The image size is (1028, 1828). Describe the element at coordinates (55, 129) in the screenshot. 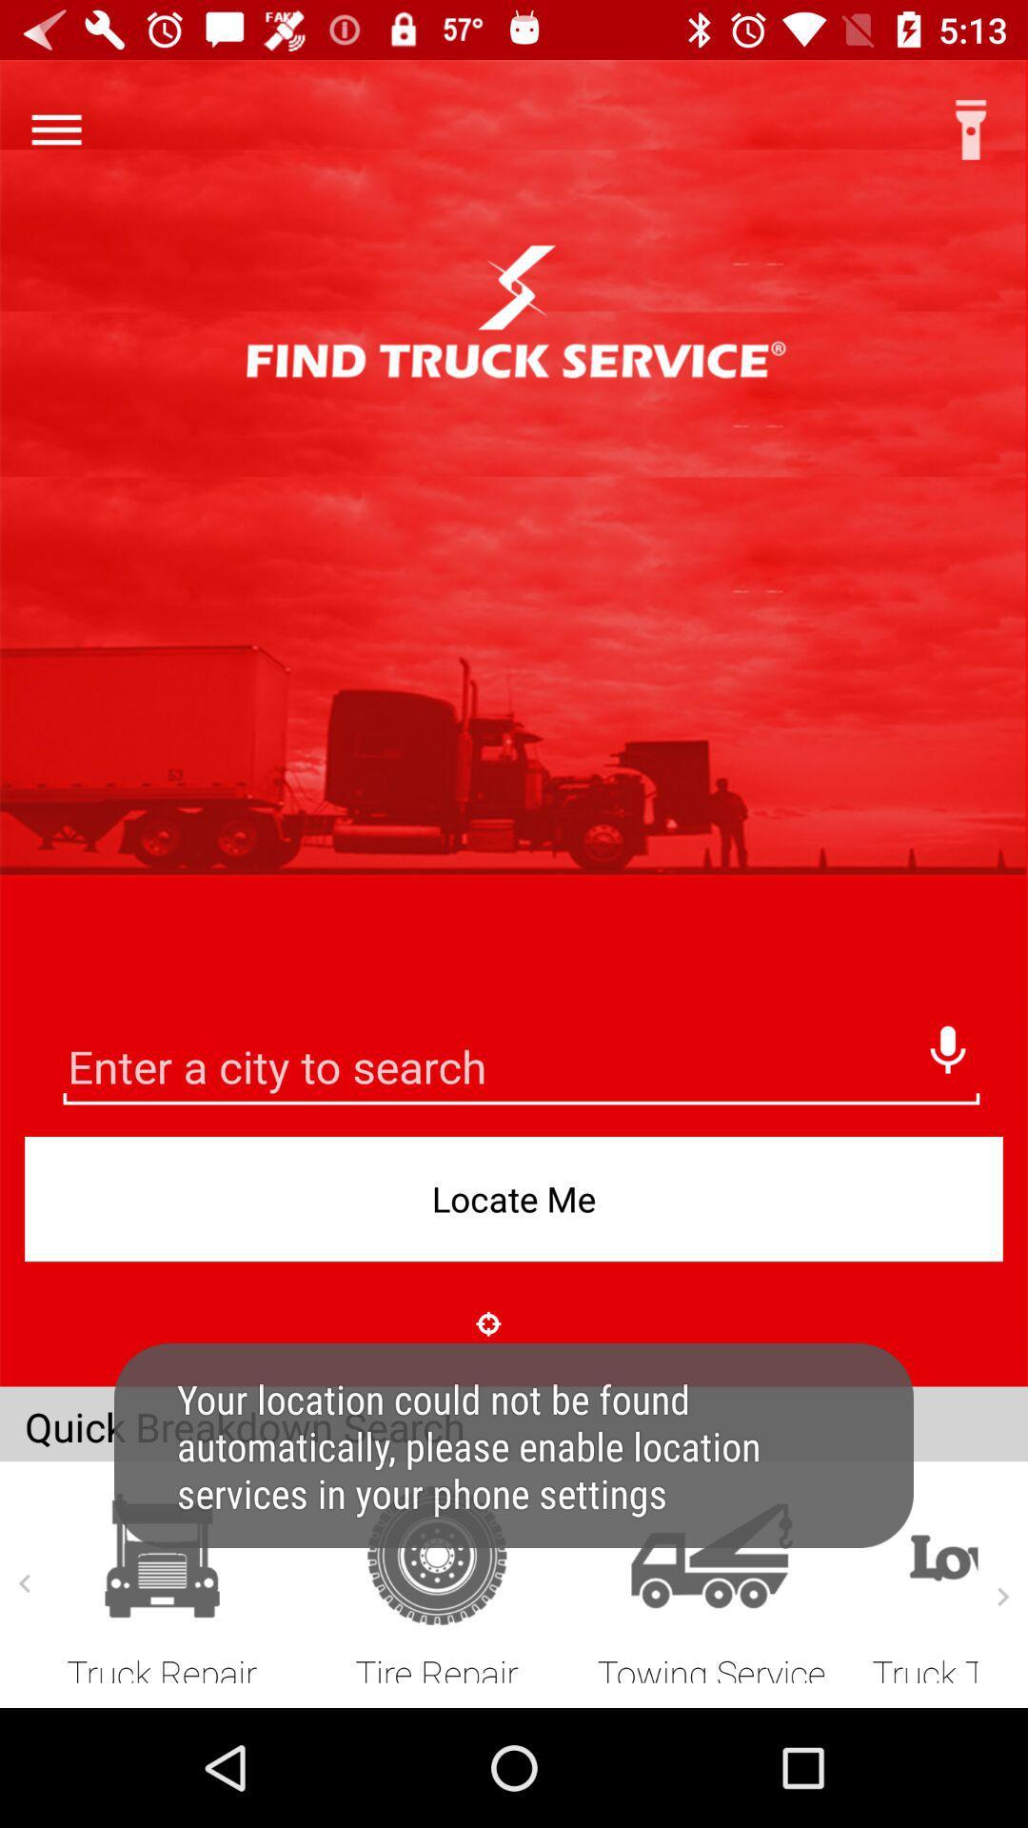

I see `menu` at that location.